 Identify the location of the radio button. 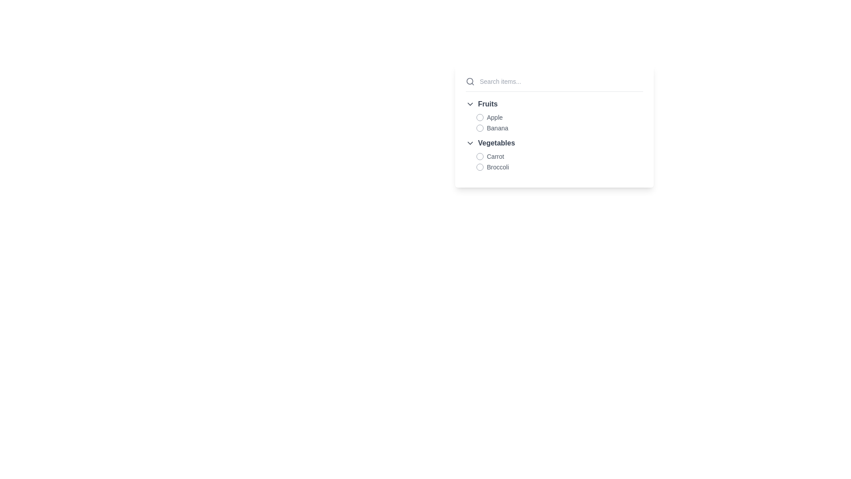
(554, 115).